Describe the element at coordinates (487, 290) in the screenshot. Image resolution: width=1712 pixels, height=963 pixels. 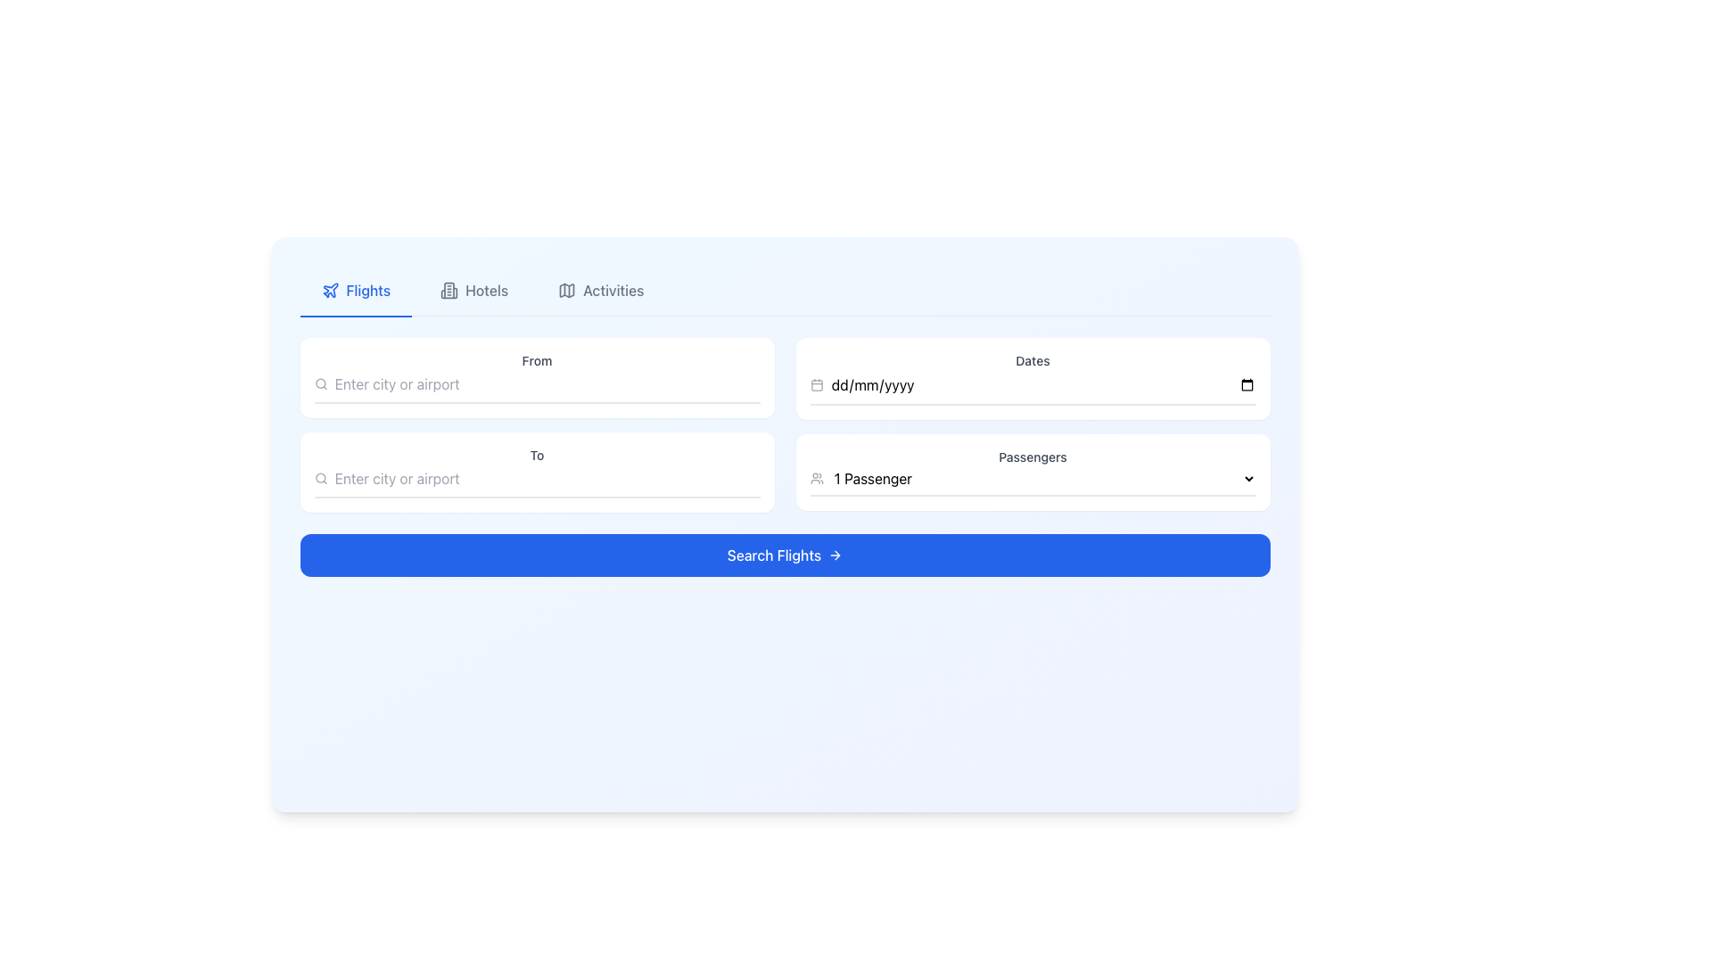
I see `the navigation label for hotels, which is the second text element in the navigation item group located on the center-right side of the header section` at that location.